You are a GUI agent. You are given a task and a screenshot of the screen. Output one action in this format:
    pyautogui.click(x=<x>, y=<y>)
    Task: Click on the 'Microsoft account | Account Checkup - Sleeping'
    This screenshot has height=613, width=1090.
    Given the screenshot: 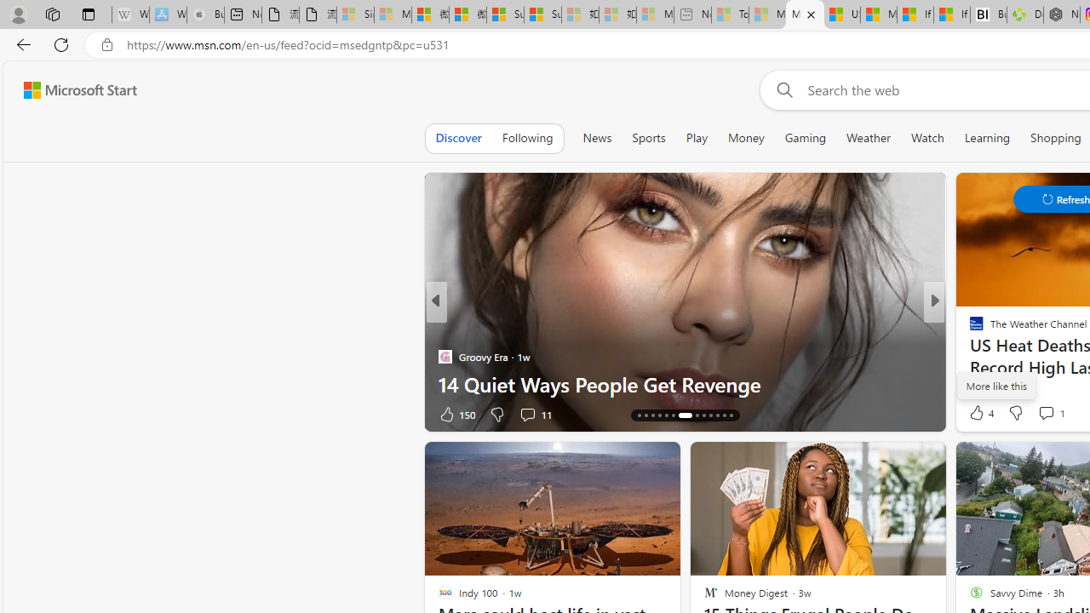 What is the action you would take?
    pyautogui.click(x=654, y=14)
    